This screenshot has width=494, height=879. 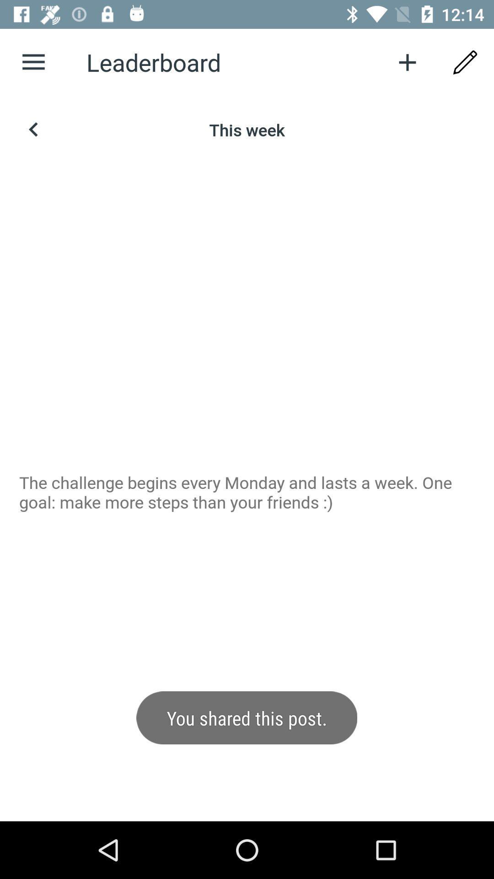 I want to click on previous, so click(x=33, y=129).